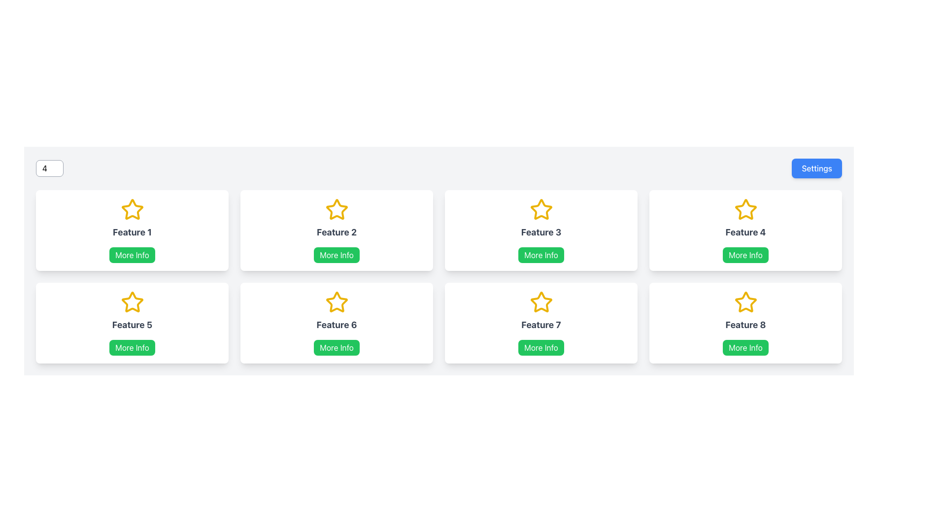 This screenshot has width=946, height=532. What do you see at coordinates (132, 301) in the screenshot?
I see `the yellow star icon located in the second row, first column of the grid above the text 'Feature 5'` at bounding box center [132, 301].